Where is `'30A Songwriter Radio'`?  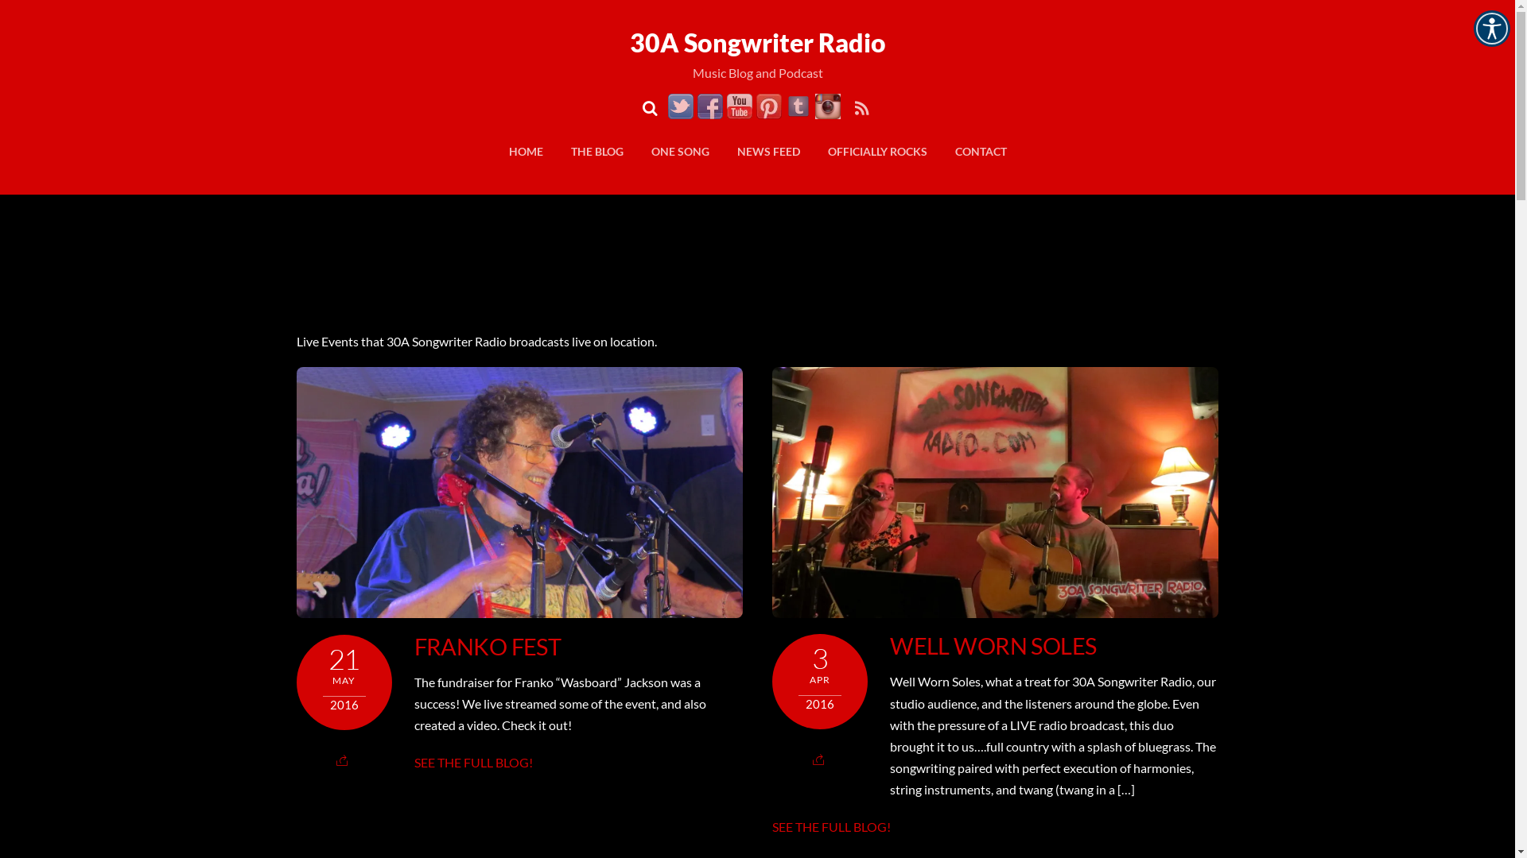
'30A Songwriter Radio' is located at coordinates (757, 41).